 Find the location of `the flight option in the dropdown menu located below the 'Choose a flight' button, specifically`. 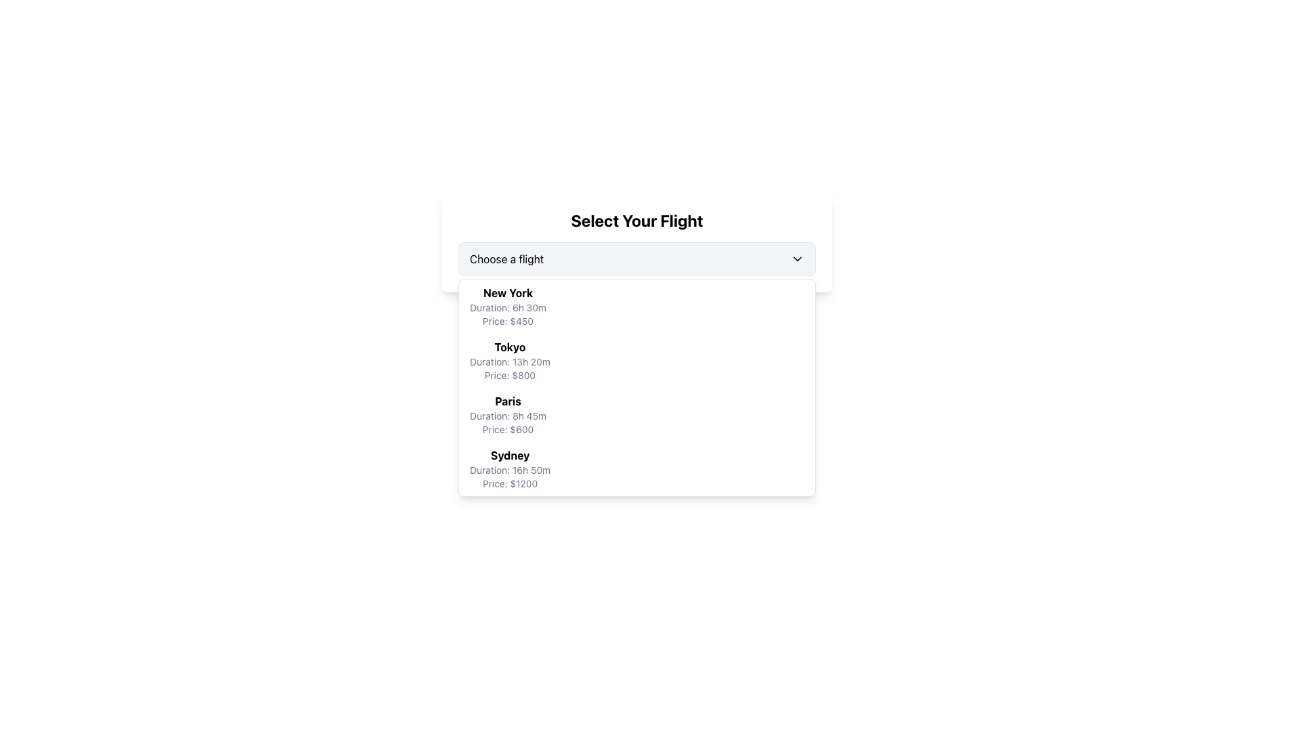

the flight option in the dropdown menu located below the 'Choose a flight' button, specifically is located at coordinates (636, 388).